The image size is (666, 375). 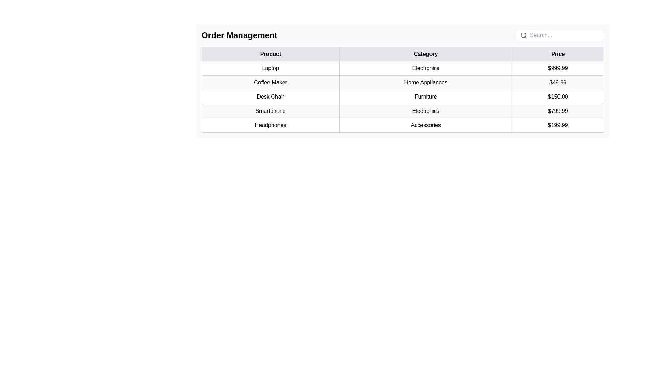 What do you see at coordinates (425, 68) in the screenshot?
I see `the read-only table cell displaying the word 'Electronics' in the second column under the 'Category' header` at bounding box center [425, 68].